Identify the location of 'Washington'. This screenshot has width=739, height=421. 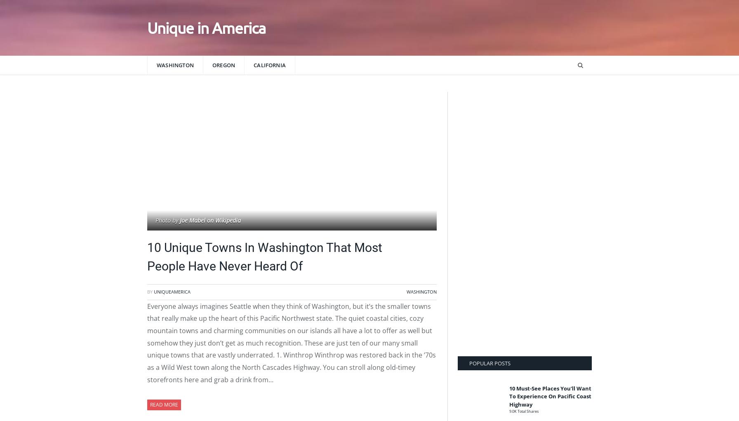
(406, 291).